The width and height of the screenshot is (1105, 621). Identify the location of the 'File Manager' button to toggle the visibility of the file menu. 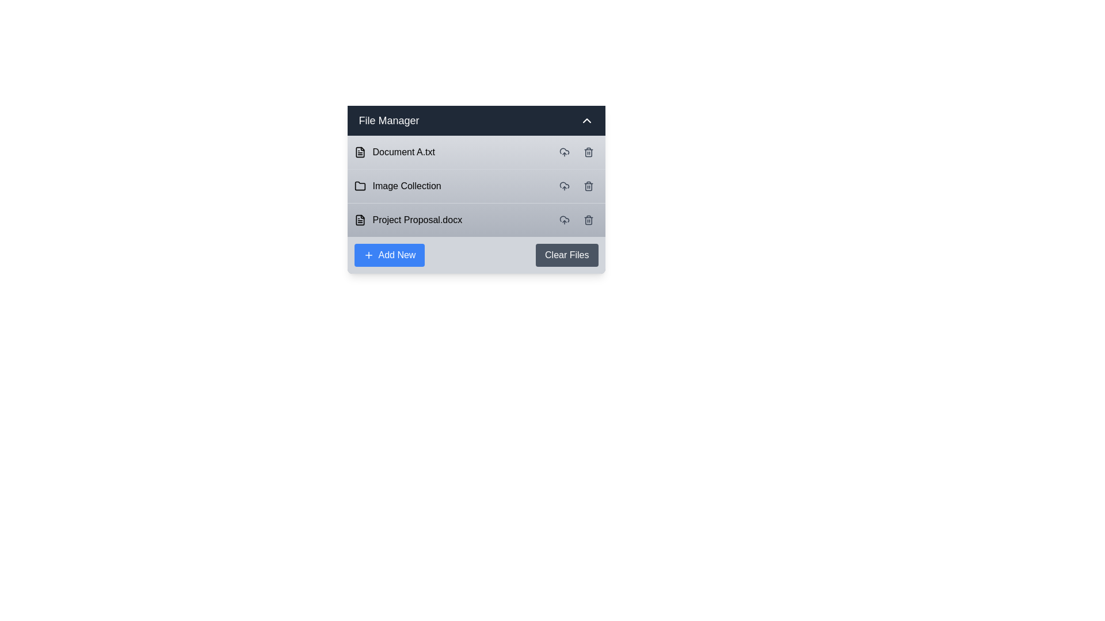
(476, 120).